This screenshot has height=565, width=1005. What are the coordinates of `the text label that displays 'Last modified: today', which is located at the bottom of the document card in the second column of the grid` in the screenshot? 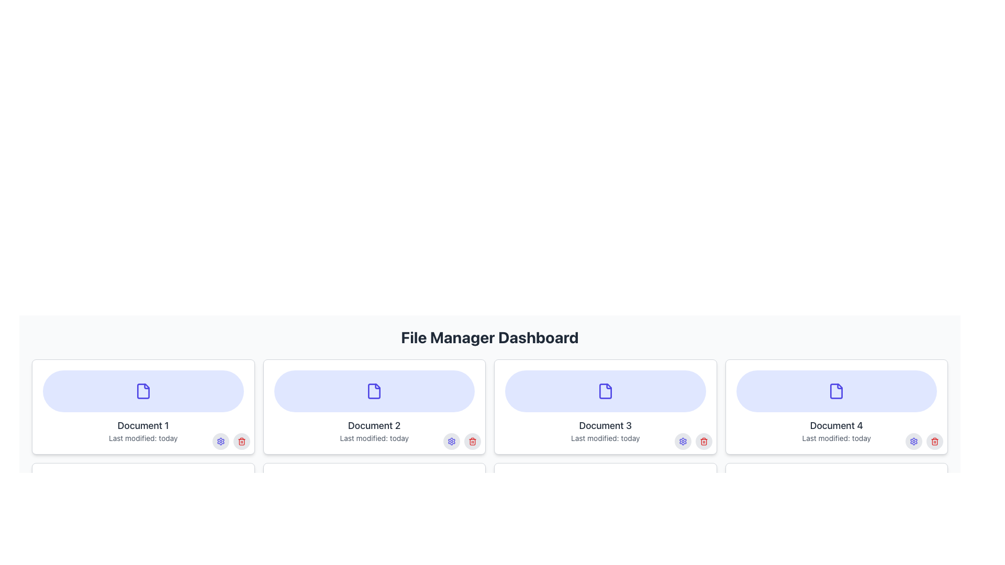 It's located at (374, 438).